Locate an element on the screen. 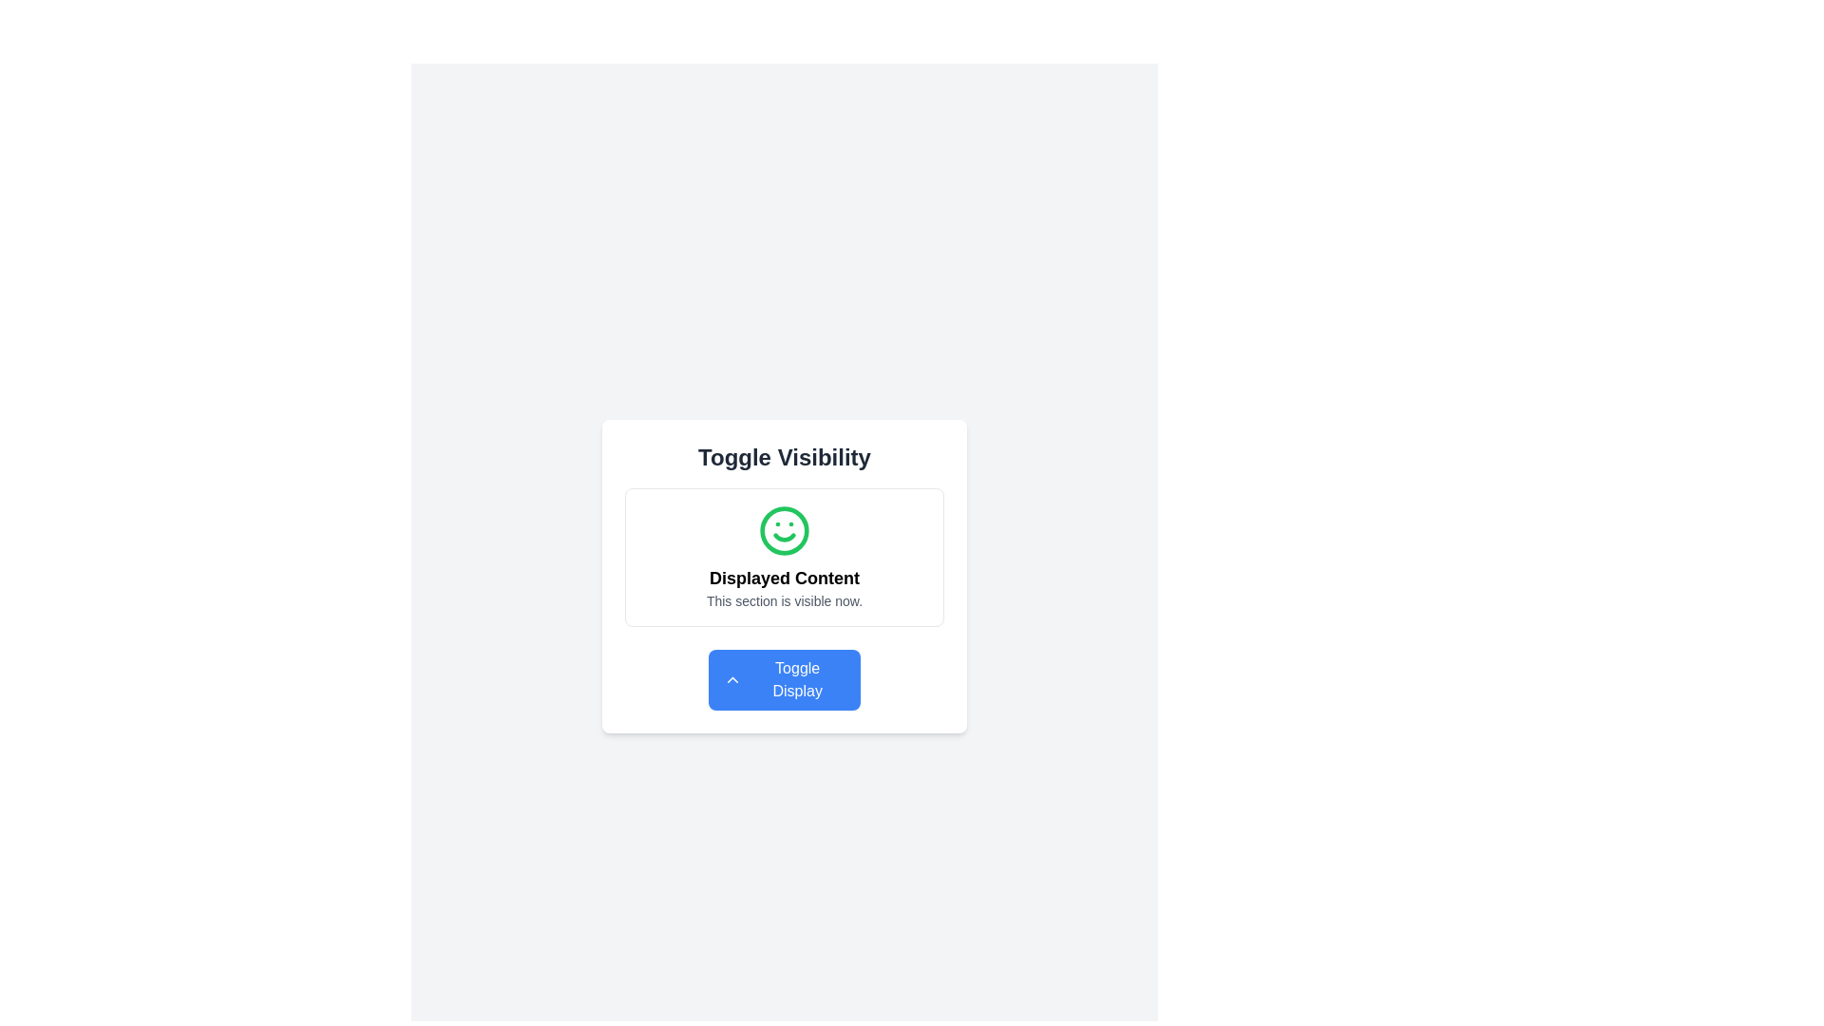 Image resolution: width=1824 pixels, height=1026 pixels. the circular green smiley face icon located centrally above the text 'Displayed Content' and 'This section is visible now.' is located at coordinates (784, 531).